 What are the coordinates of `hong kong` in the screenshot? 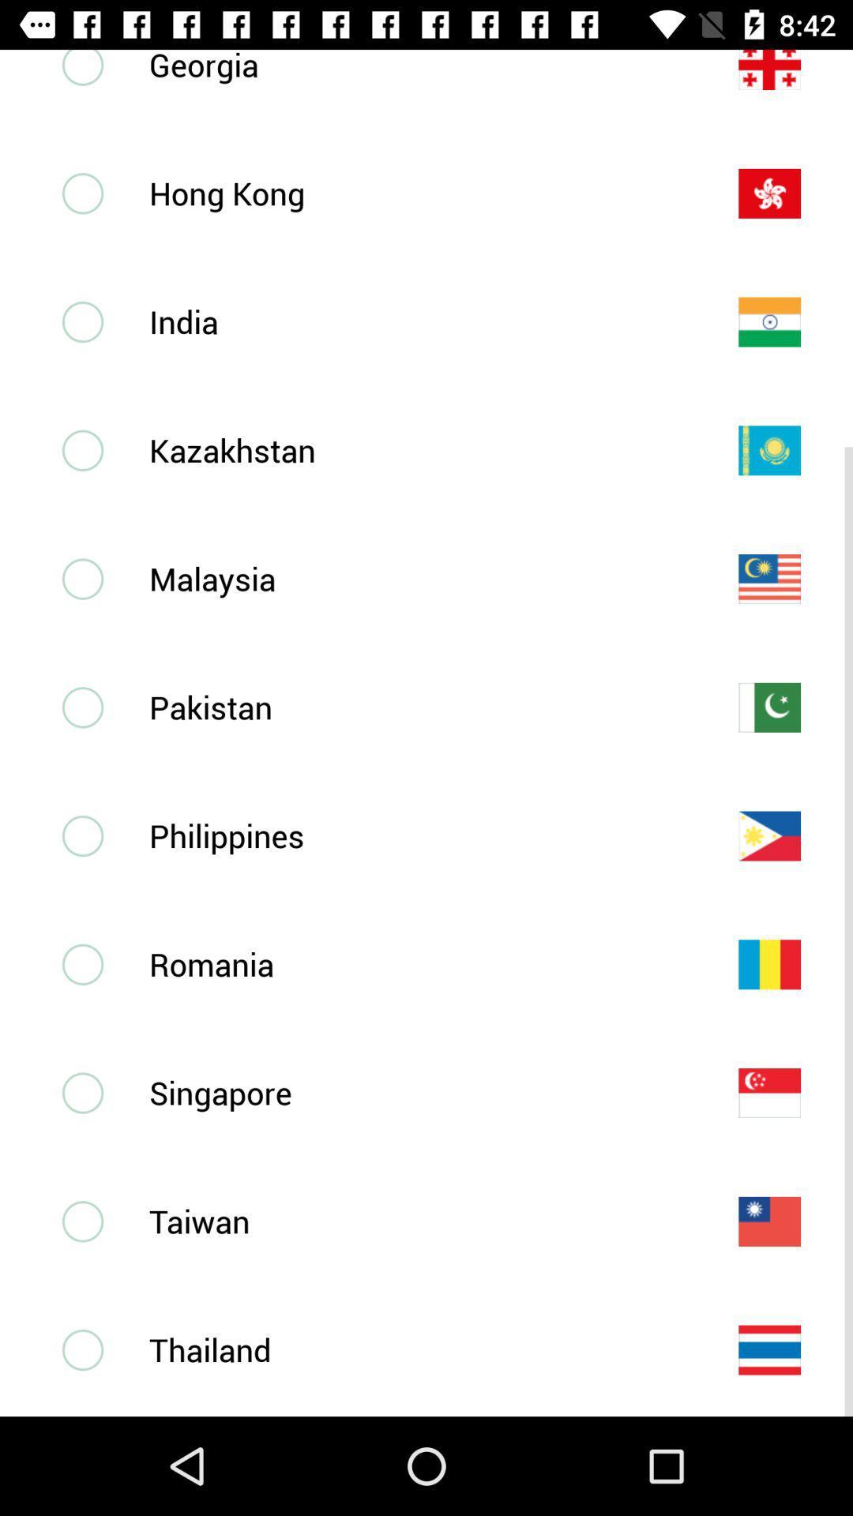 It's located at (417, 192).